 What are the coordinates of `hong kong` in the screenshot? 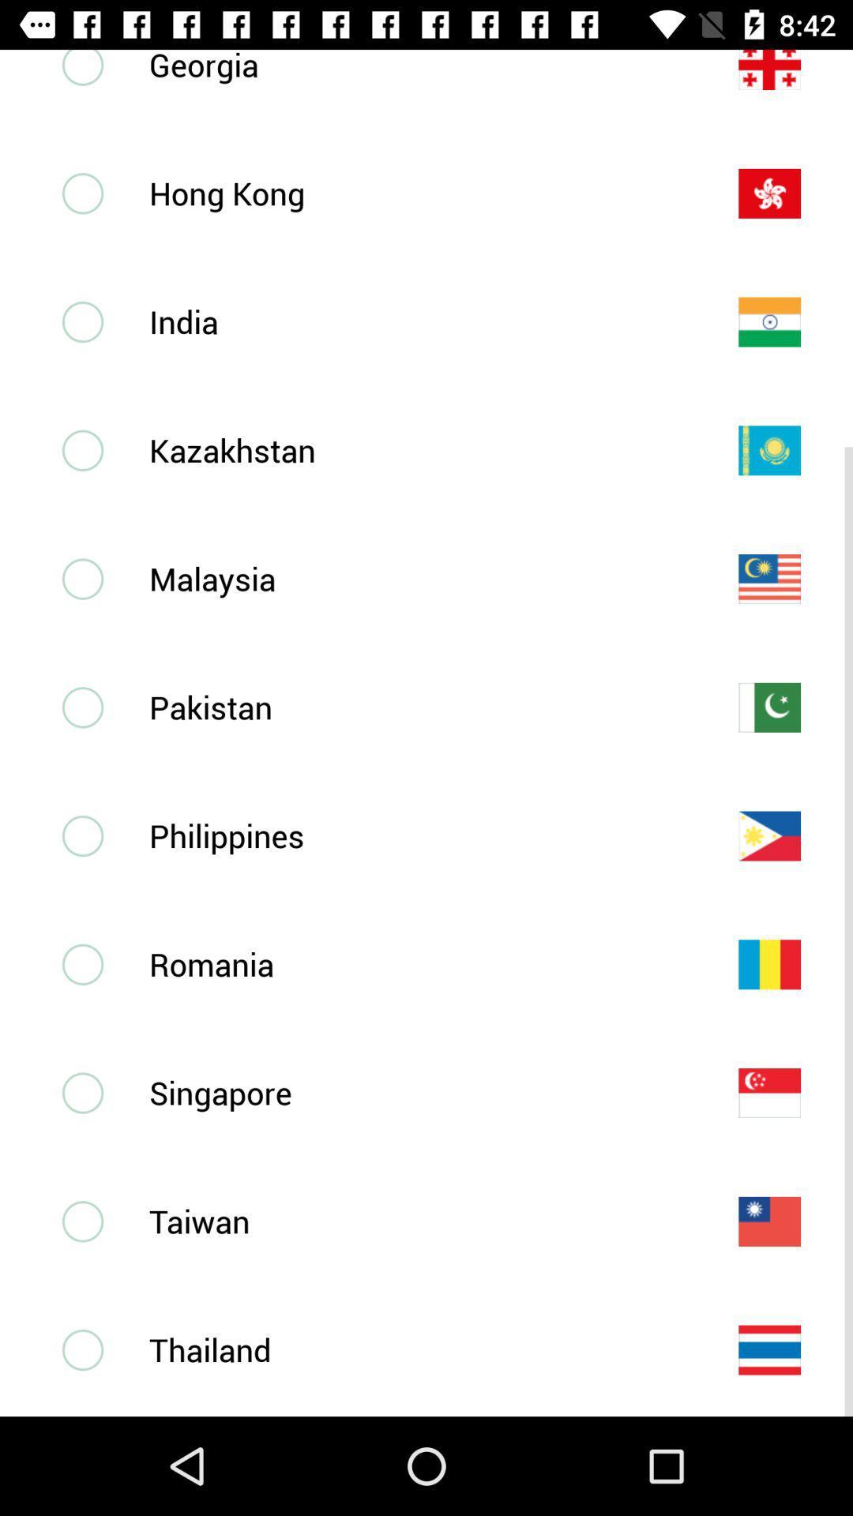 It's located at (417, 192).